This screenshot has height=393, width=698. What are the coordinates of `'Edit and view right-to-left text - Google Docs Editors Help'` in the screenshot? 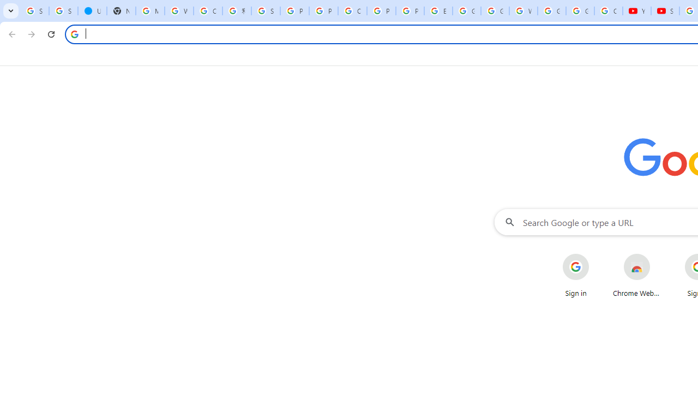 It's located at (438, 11).